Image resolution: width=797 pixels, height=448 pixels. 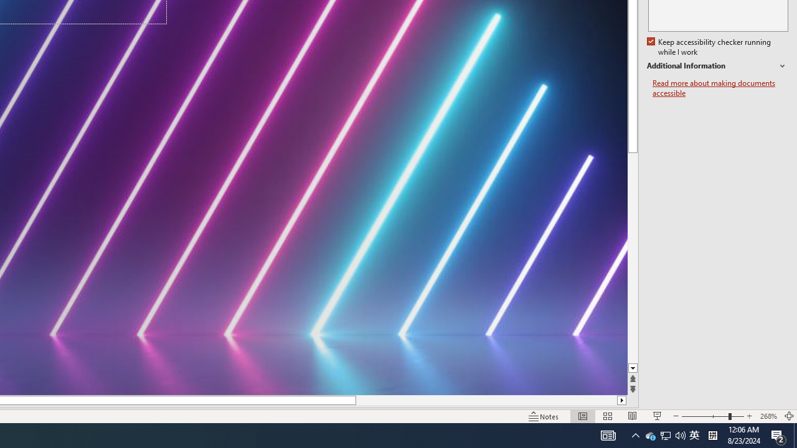 What do you see at coordinates (608, 416) in the screenshot?
I see `'Slide Sorter'` at bounding box center [608, 416].